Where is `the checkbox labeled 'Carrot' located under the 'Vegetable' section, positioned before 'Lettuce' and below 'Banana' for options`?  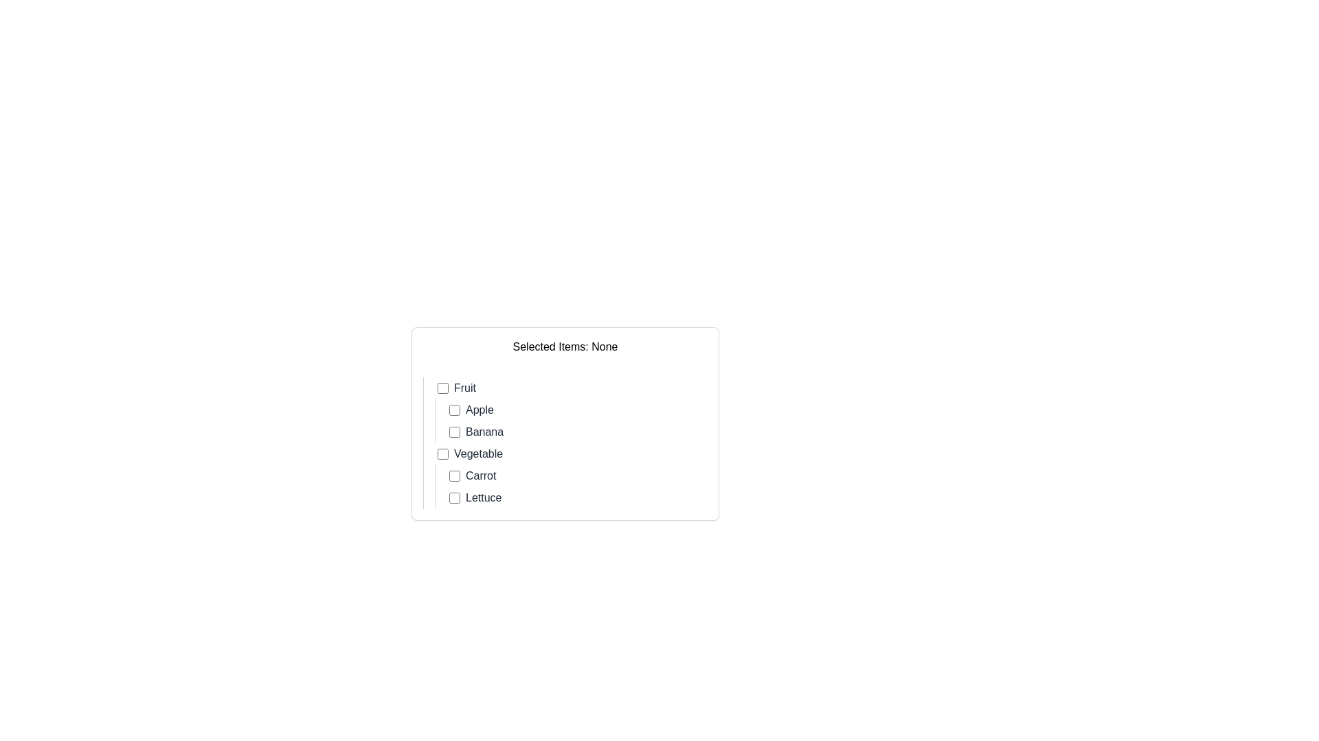
the checkbox labeled 'Carrot' located under the 'Vegetable' section, positioned before 'Lettuce' and below 'Banana' for options is located at coordinates (577, 475).